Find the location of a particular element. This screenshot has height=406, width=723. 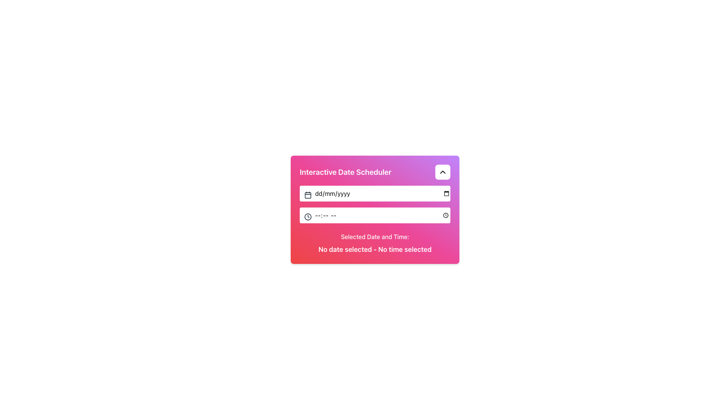

the calendar icon which is the leftmost element in the date input field group, adjacent to the 'dd/mm/yyyy' placeholder text is located at coordinates (308, 194).